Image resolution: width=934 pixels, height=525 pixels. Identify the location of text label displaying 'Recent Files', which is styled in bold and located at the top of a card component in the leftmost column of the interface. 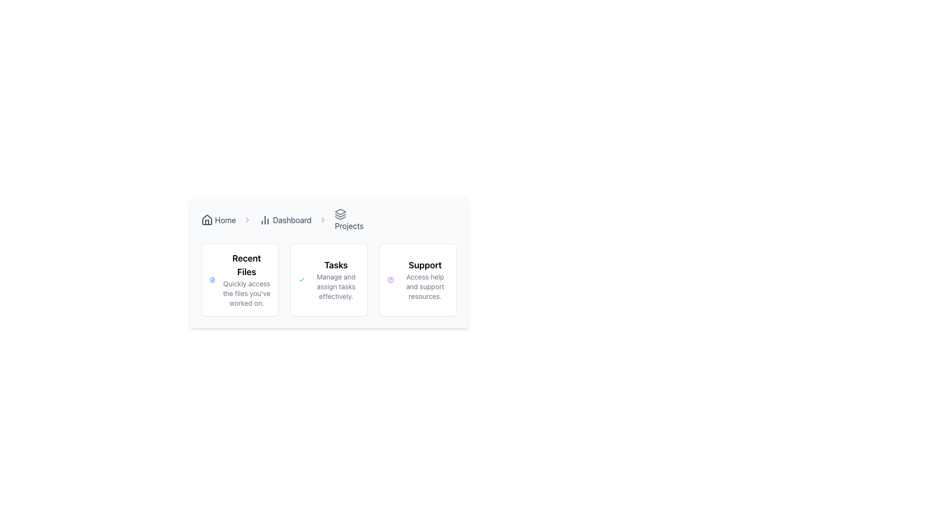
(247, 265).